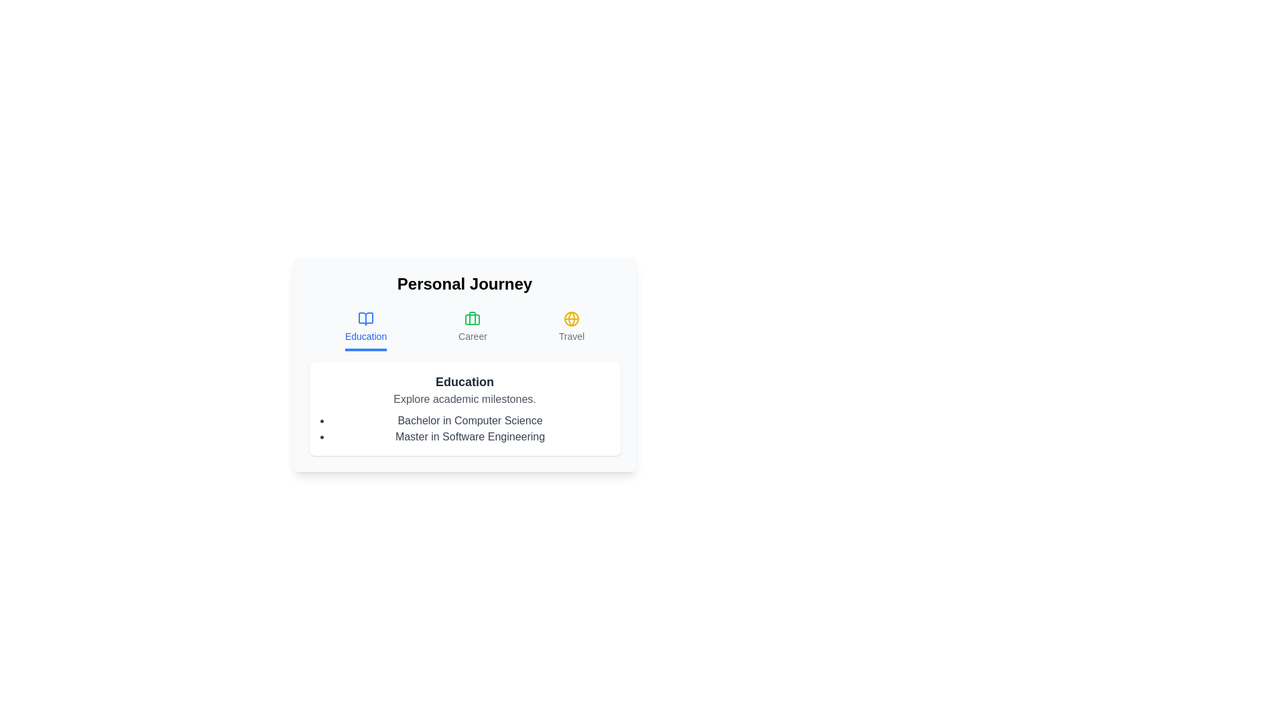 The height and width of the screenshot is (724, 1287). What do you see at coordinates (473, 318) in the screenshot?
I see `the green briefcase icon representing 'career', which is positioned above the word 'Career' in the center column of the navigation interface` at bounding box center [473, 318].